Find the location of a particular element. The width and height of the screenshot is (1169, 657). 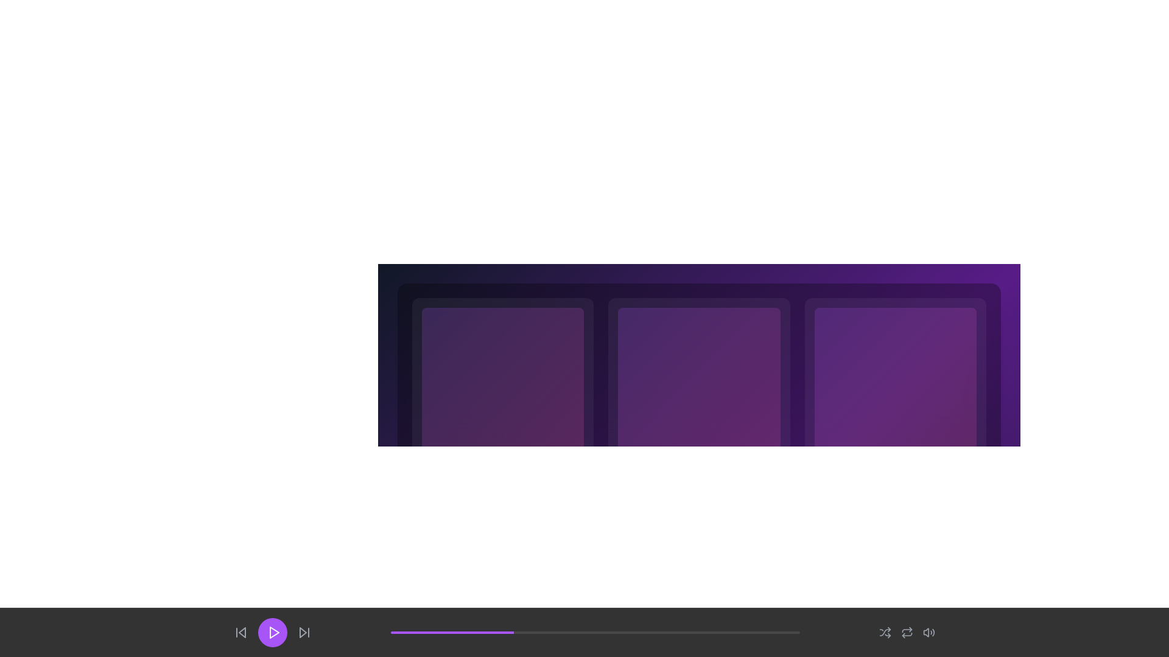

the circular repeat icon located in the bottom-right corner of the interface layout is located at coordinates (907, 632).